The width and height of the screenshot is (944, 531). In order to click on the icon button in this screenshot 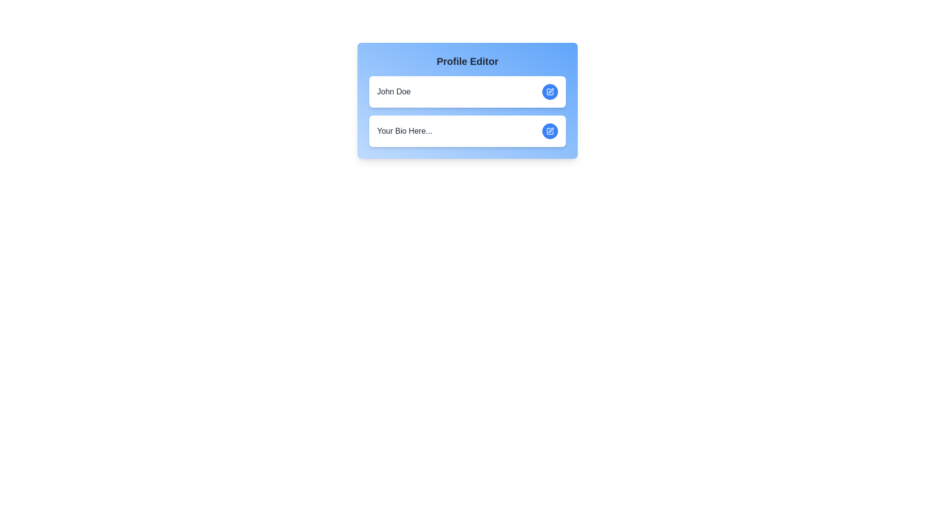, I will do `click(551, 130)`.